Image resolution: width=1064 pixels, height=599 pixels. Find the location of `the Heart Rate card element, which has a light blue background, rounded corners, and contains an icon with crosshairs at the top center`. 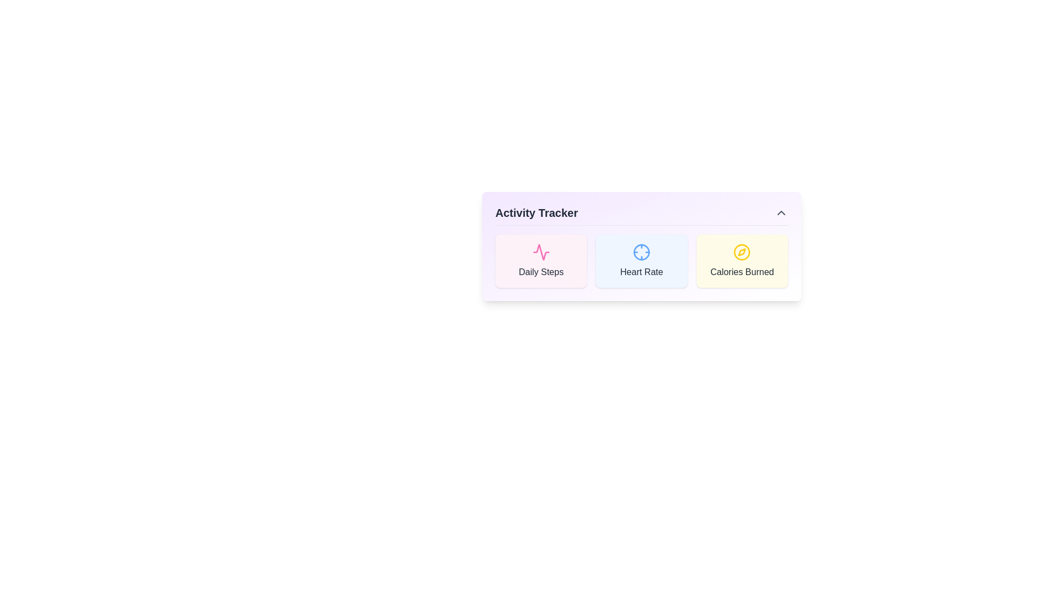

the Heart Rate card element, which has a light blue background, rounded corners, and contains an icon with crosshairs at the top center is located at coordinates (641, 261).